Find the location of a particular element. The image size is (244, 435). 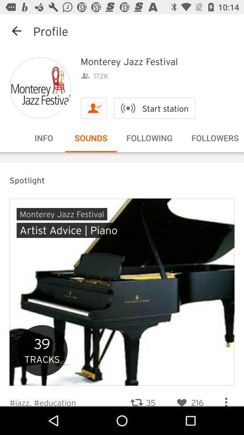

icon below info item is located at coordinates (122, 152).